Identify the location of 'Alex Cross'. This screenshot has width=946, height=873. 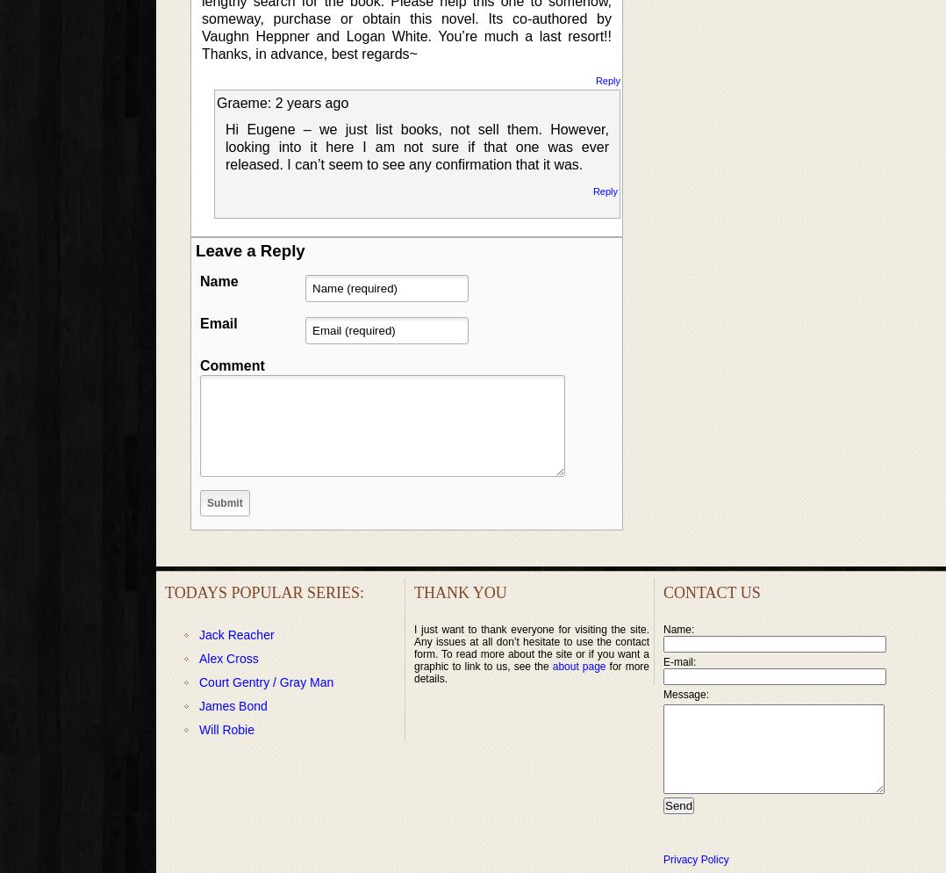
(227, 657).